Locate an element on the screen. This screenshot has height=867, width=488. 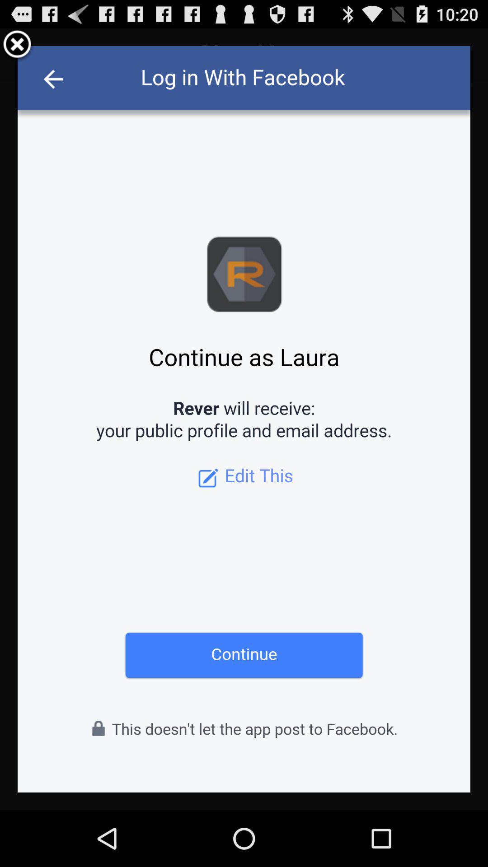
close is located at coordinates (17, 45).